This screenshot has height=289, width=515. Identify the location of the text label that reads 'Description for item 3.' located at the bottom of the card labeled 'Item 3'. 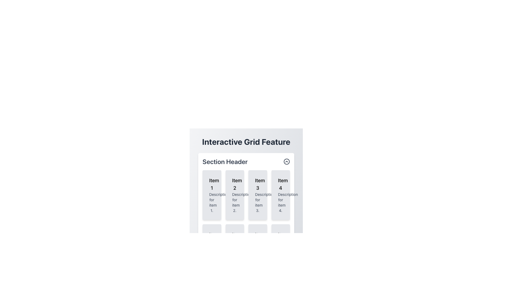
(257, 202).